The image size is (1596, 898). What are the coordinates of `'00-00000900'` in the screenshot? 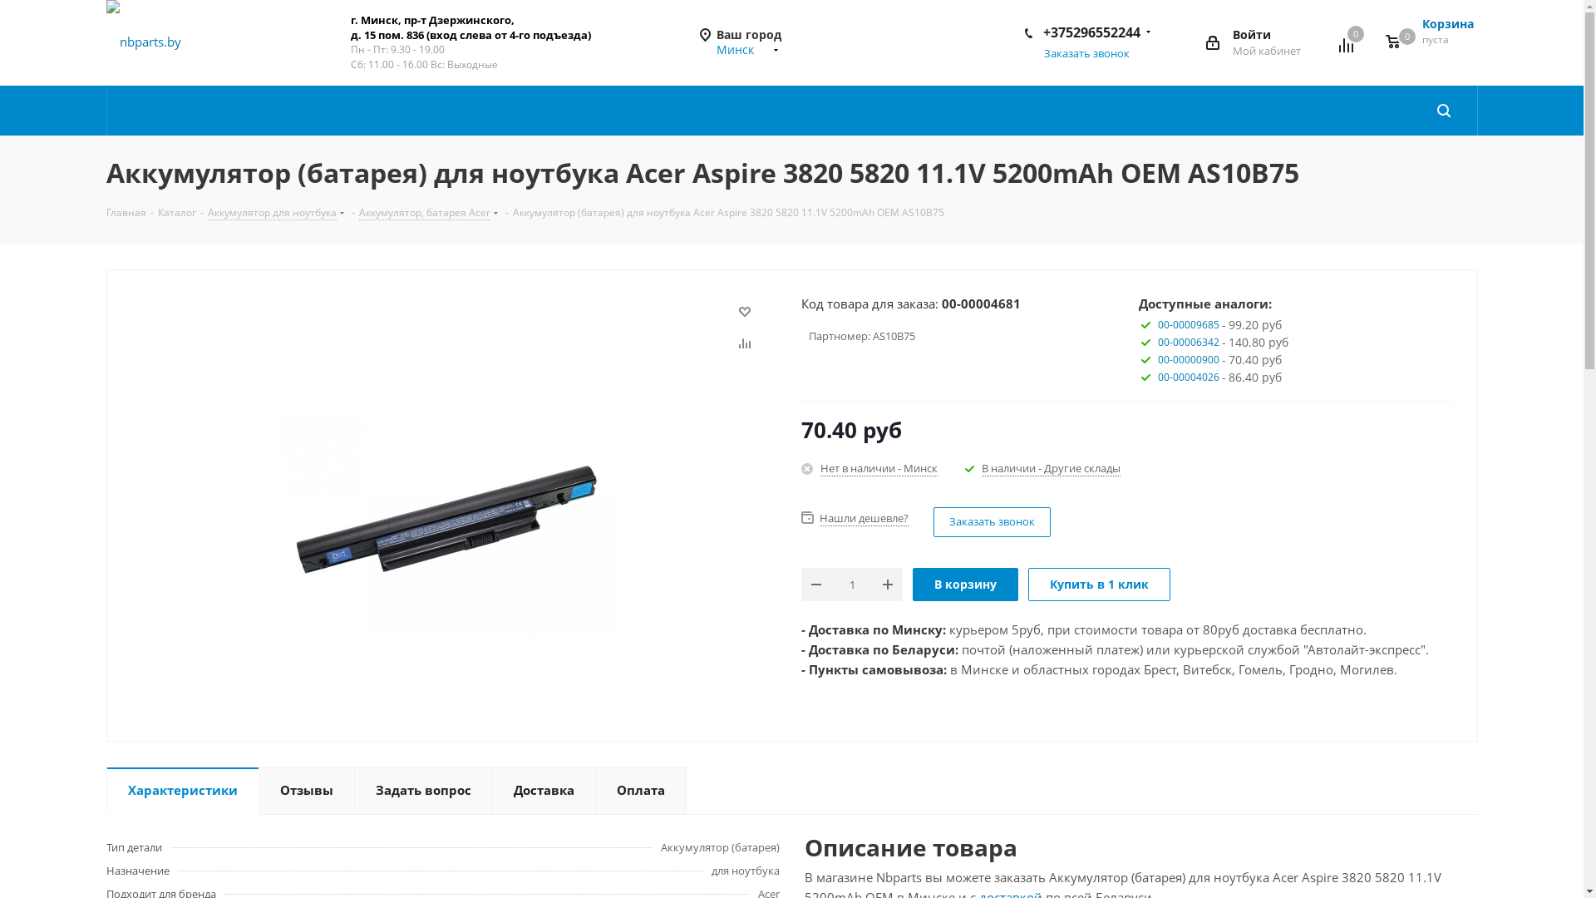 It's located at (1188, 358).